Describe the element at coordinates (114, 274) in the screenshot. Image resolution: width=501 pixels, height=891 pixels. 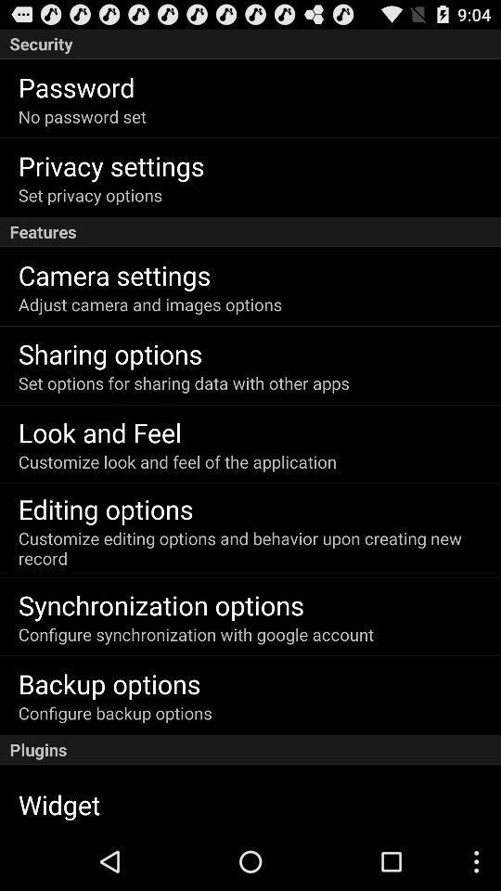
I see `item below the features icon` at that location.